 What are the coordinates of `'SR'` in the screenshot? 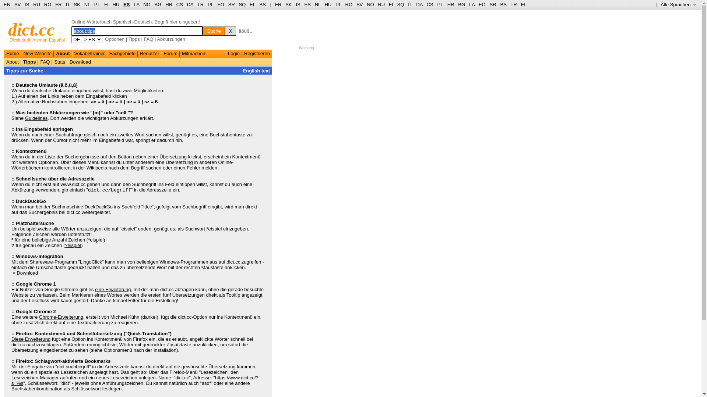 It's located at (231, 4).